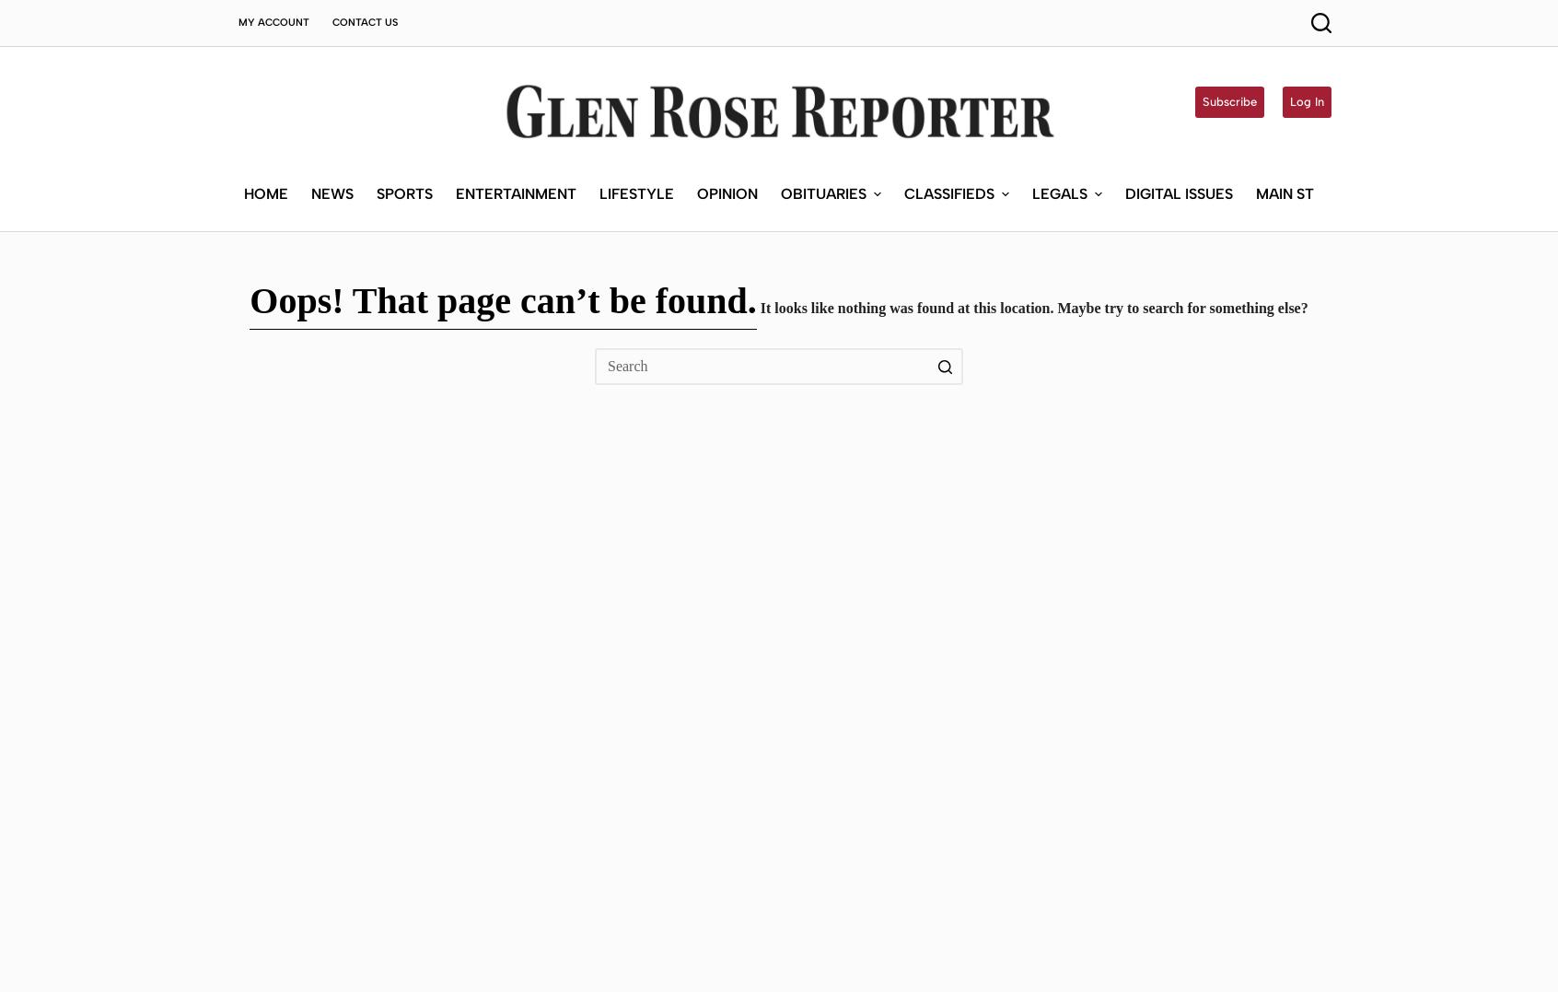  What do you see at coordinates (1033, 167) in the screenshot?
I see `'It looks like nothing was found at this location. Maybe try to search for something else?'` at bounding box center [1033, 167].